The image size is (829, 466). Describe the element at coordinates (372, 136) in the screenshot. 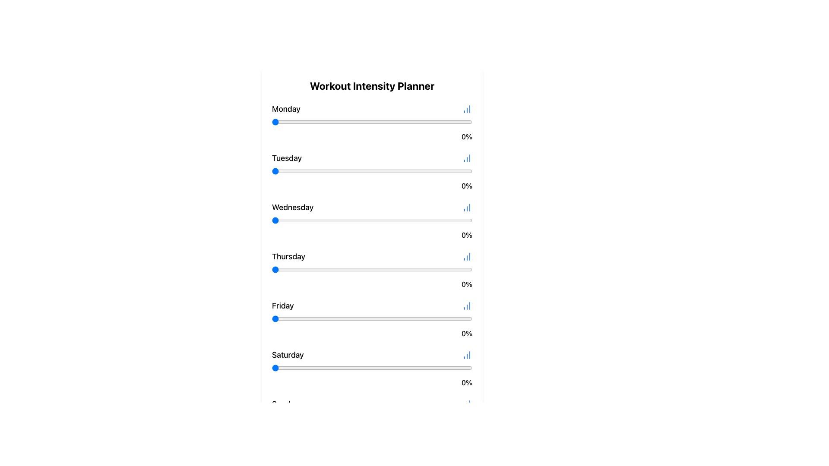

I see `the text display showing '0%' located in the 'Monday' section of the weekly scheduler interface, aligned to the right of the associated slider` at that location.